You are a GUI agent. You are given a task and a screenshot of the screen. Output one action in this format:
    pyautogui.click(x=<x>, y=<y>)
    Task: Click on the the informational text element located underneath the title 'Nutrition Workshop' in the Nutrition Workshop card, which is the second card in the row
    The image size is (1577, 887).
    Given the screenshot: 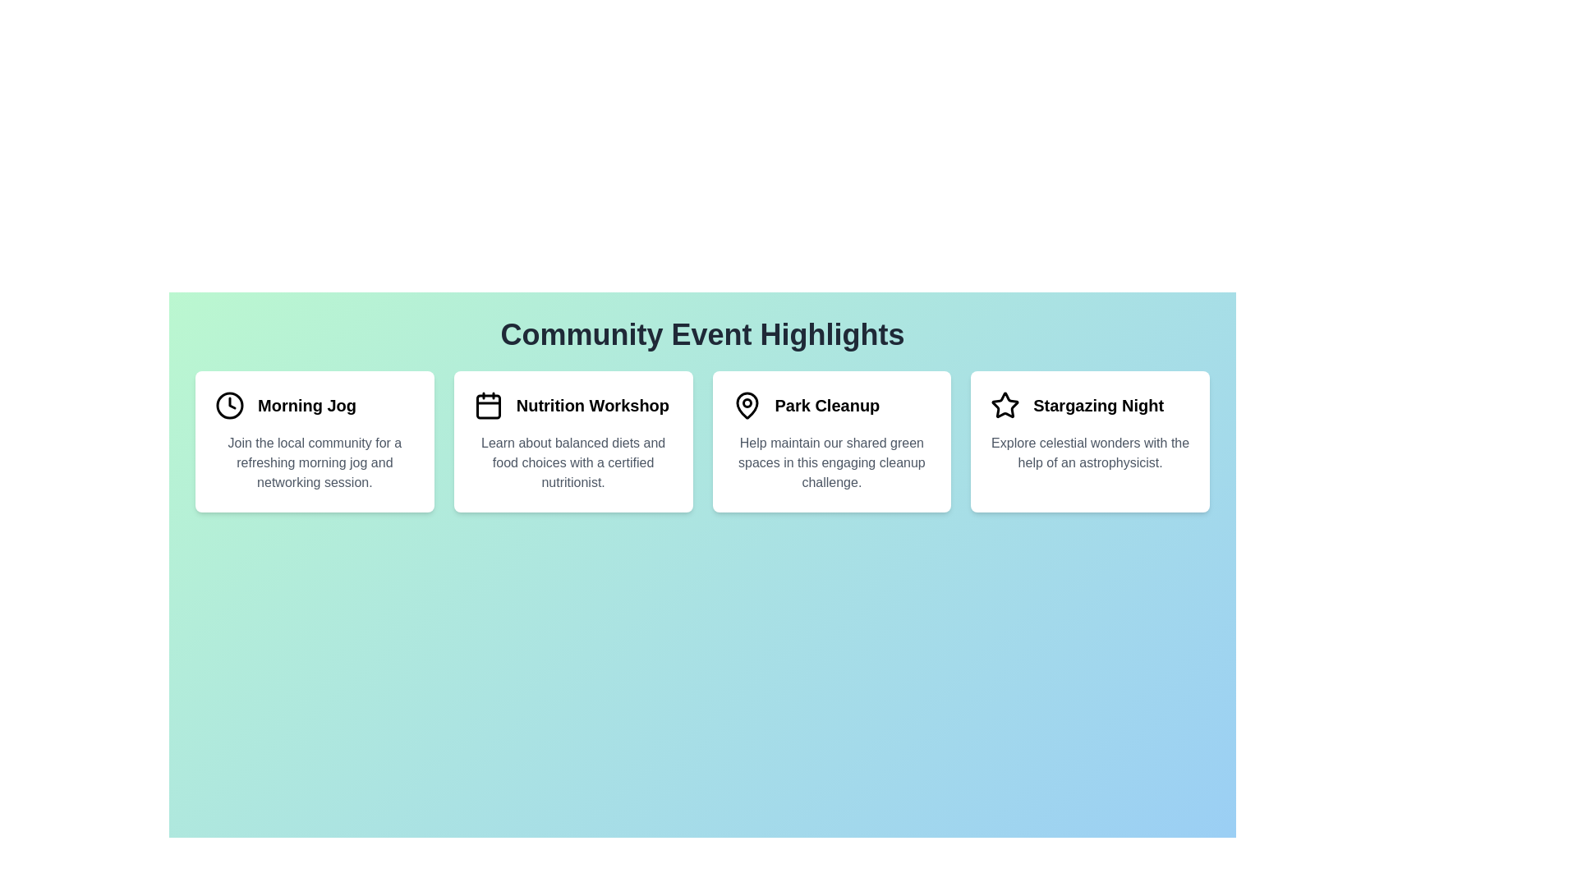 What is the action you would take?
    pyautogui.click(x=573, y=462)
    